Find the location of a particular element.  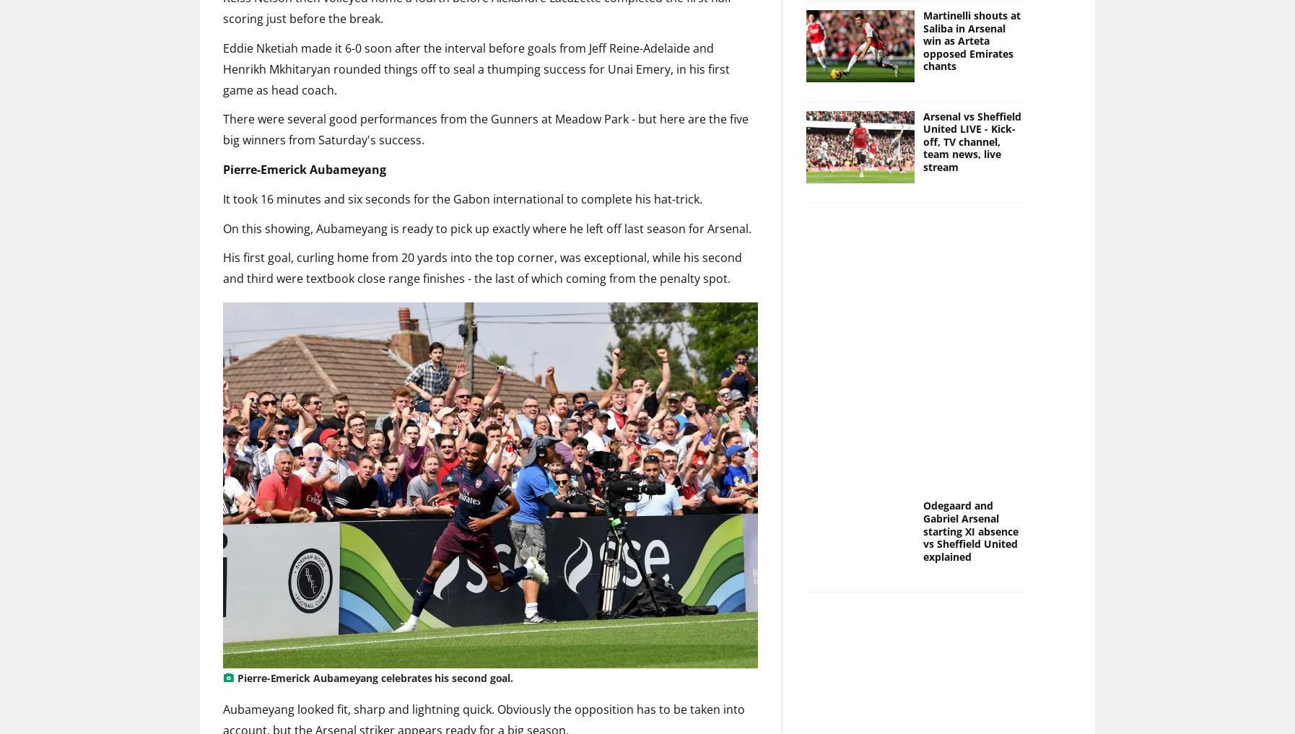

'Martinelli shouts at Saliba in Arsenal win as Arteta opposed Emirates chants' is located at coordinates (970, 40).